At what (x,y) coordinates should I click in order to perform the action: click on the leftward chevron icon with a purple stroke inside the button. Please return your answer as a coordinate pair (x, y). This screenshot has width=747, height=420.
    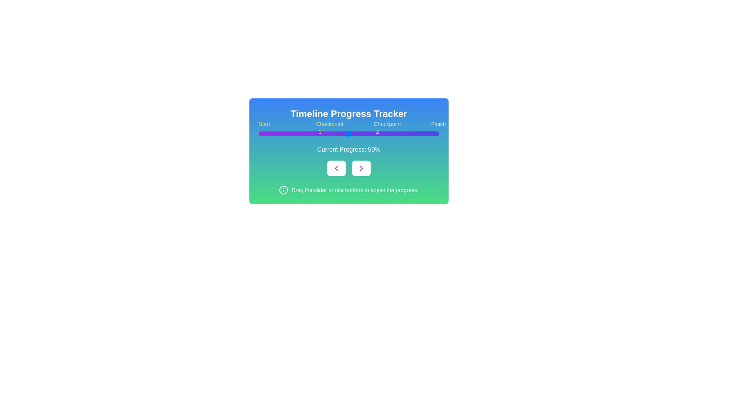
    Looking at the image, I should click on (336, 168).